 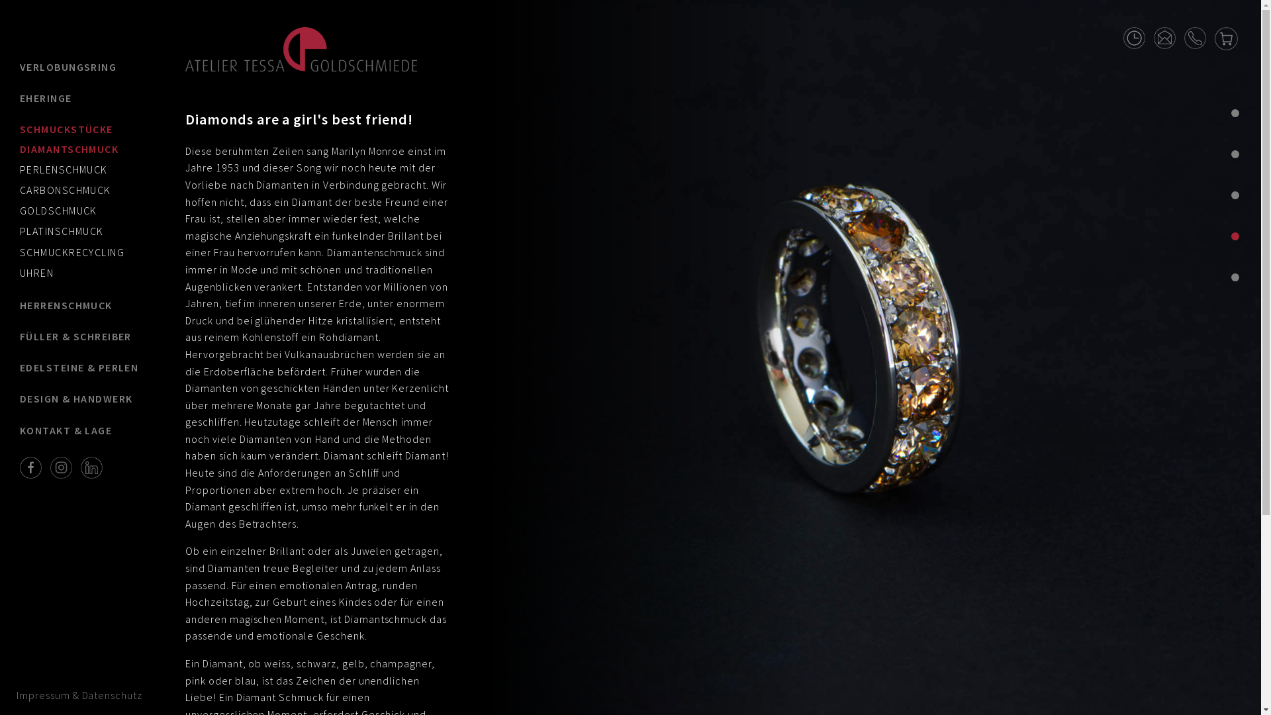 I want to click on 'Impressum & Datenschutz', so click(x=79, y=694).